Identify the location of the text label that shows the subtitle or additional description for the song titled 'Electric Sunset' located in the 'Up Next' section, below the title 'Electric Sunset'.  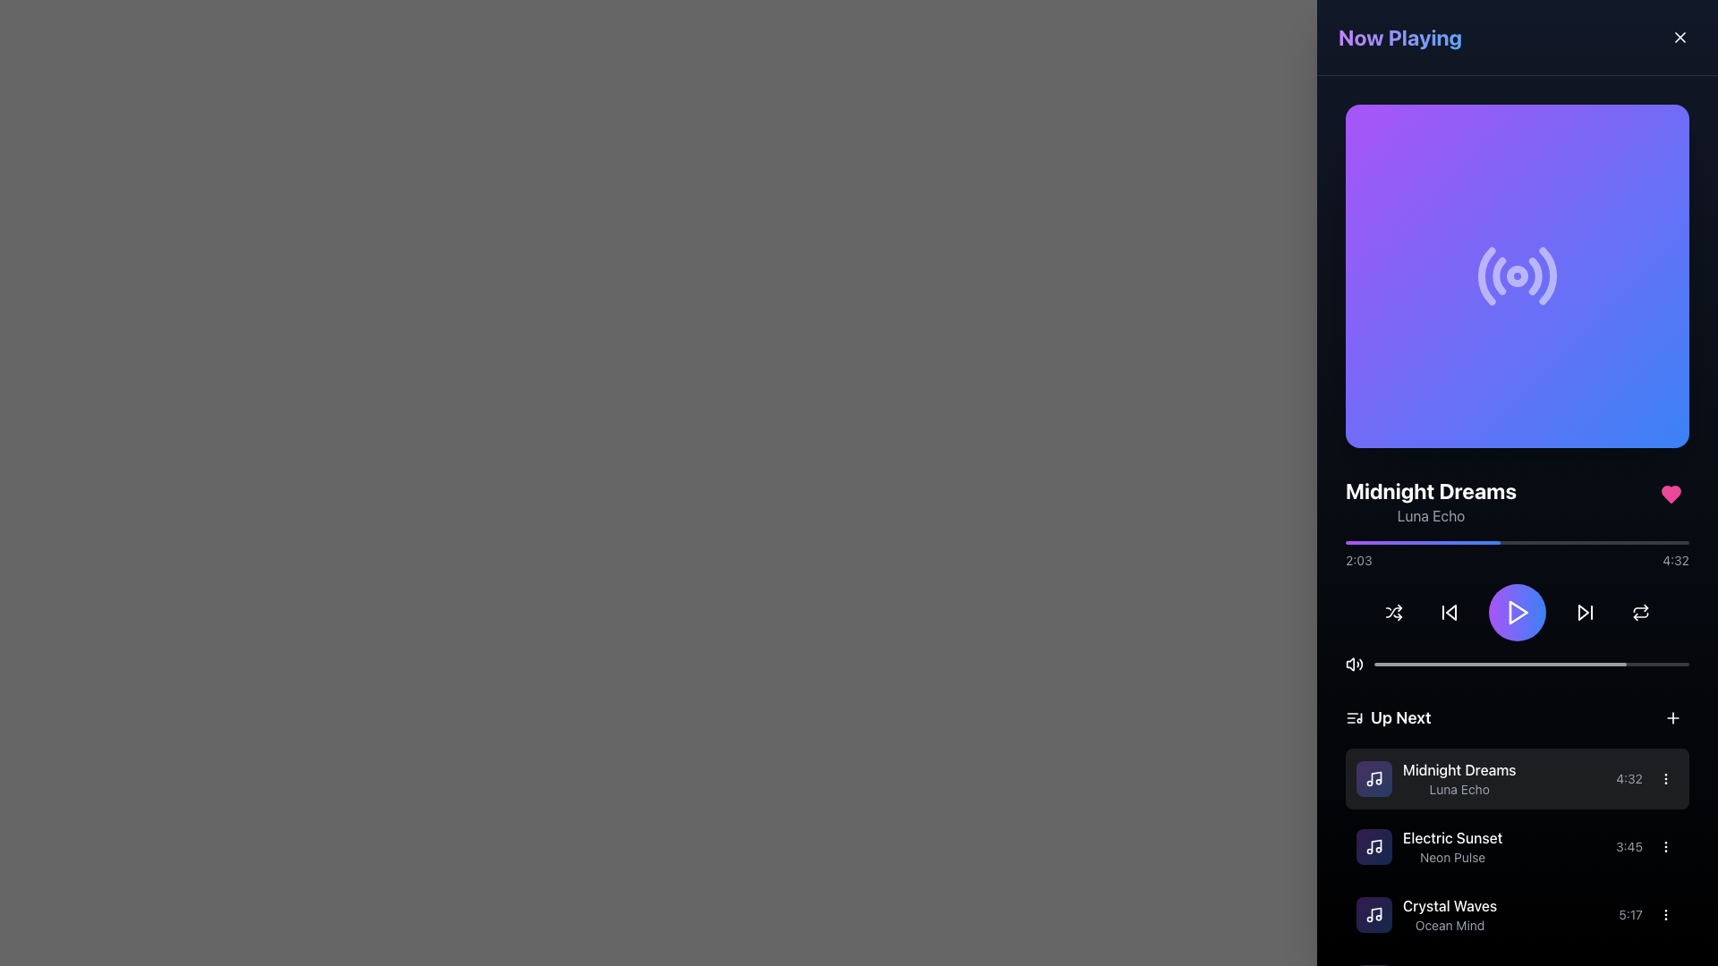
(1452, 857).